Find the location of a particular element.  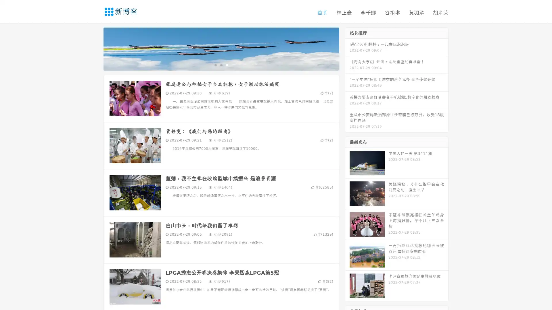

Go to slide 2 is located at coordinates (221, 65).